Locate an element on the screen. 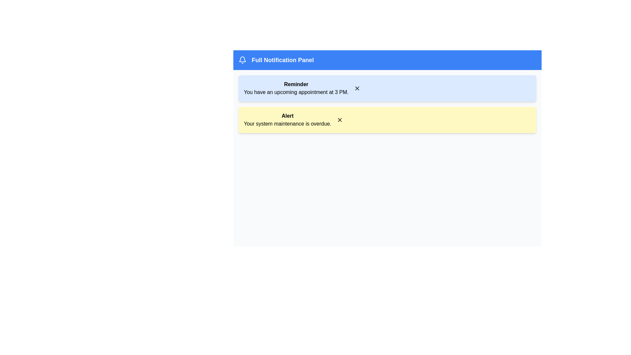  the close button located in the top-right corner of the yellow notification block titled 'Alert' is located at coordinates (340, 120).